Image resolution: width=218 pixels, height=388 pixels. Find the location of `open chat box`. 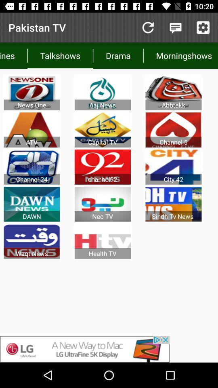

open chat box is located at coordinates (175, 27).